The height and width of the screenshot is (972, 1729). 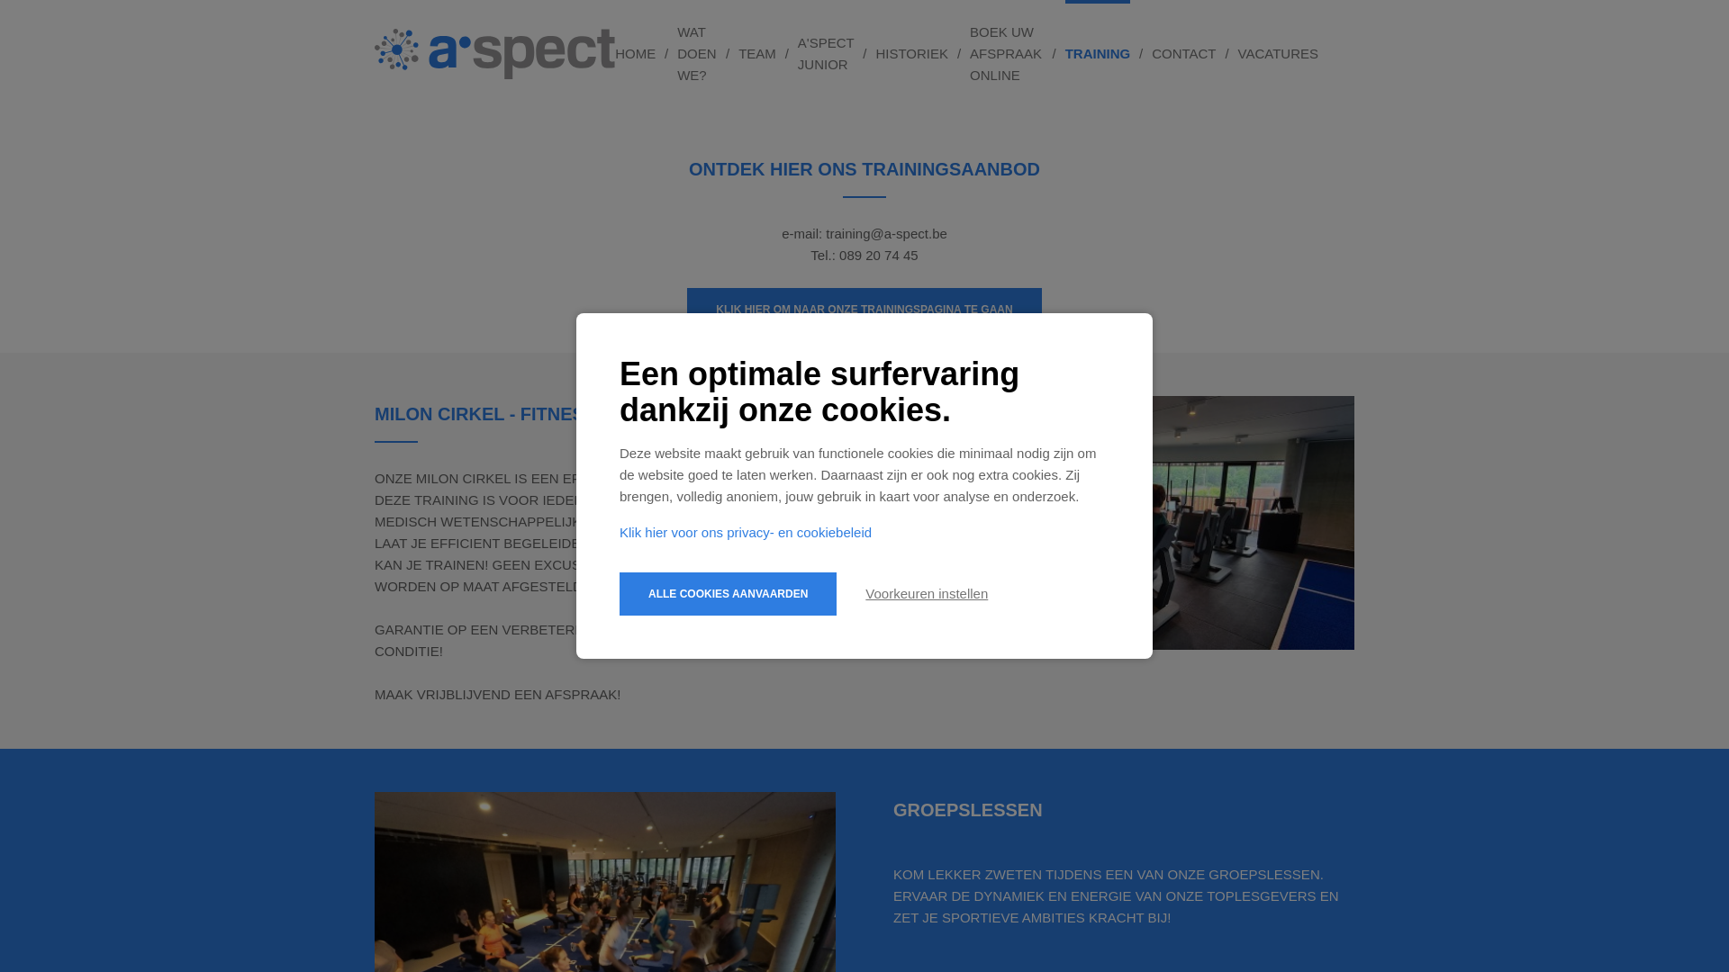 What do you see at coordinates (1183, 53) in the screenshot?
I see `'CONTACT'` at bounding box center [1183, 53].